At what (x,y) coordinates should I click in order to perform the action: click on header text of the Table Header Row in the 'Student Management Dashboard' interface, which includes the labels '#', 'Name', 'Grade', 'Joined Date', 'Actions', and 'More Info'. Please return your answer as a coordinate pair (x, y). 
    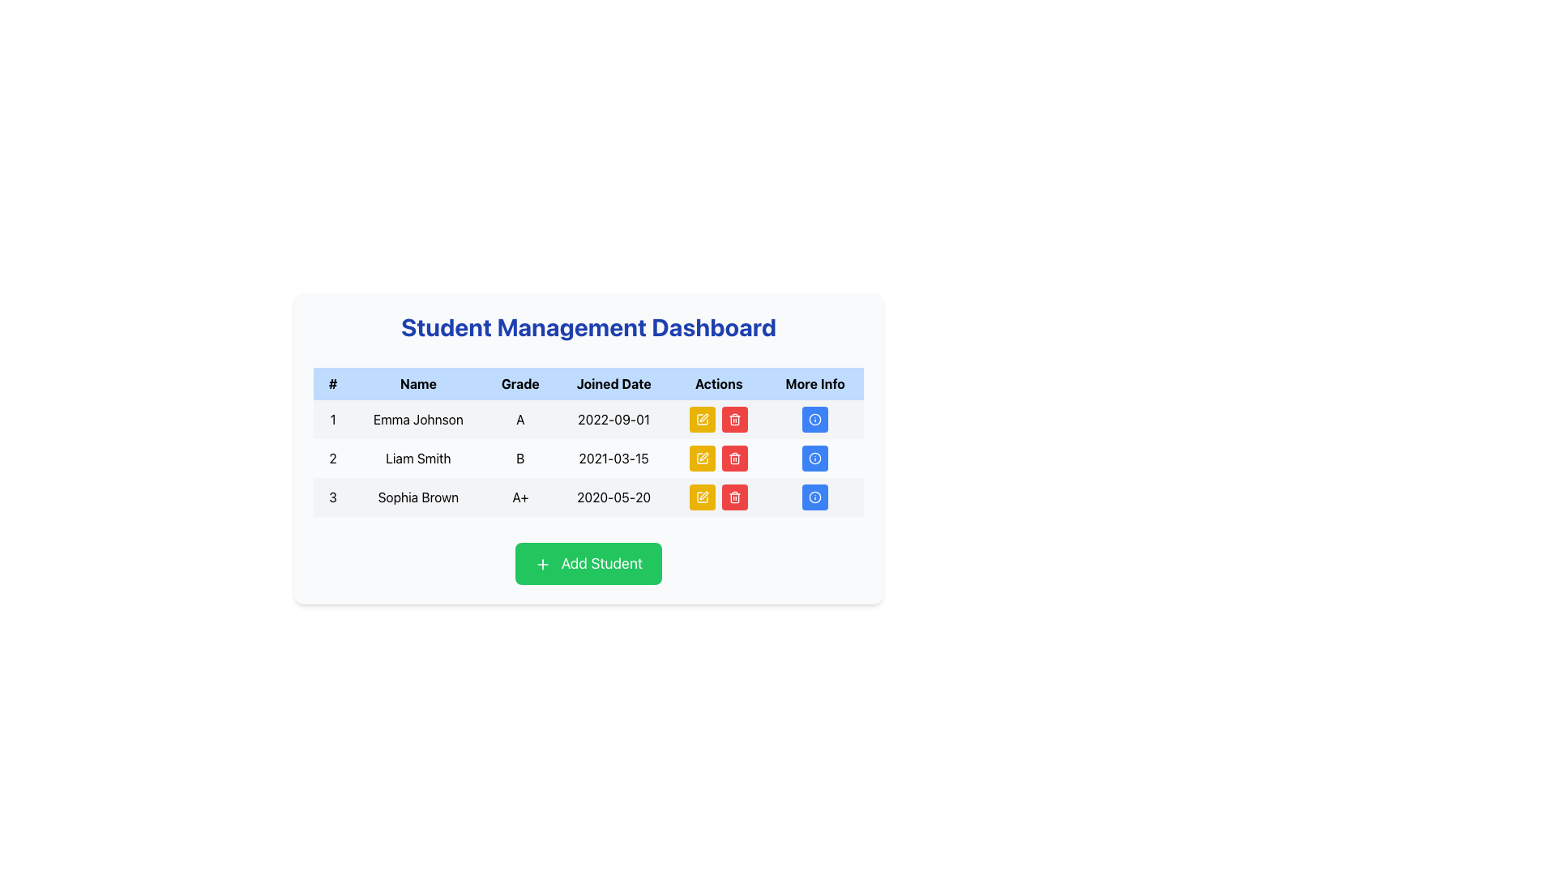
    Looking at the image, I should click on (588, 384).